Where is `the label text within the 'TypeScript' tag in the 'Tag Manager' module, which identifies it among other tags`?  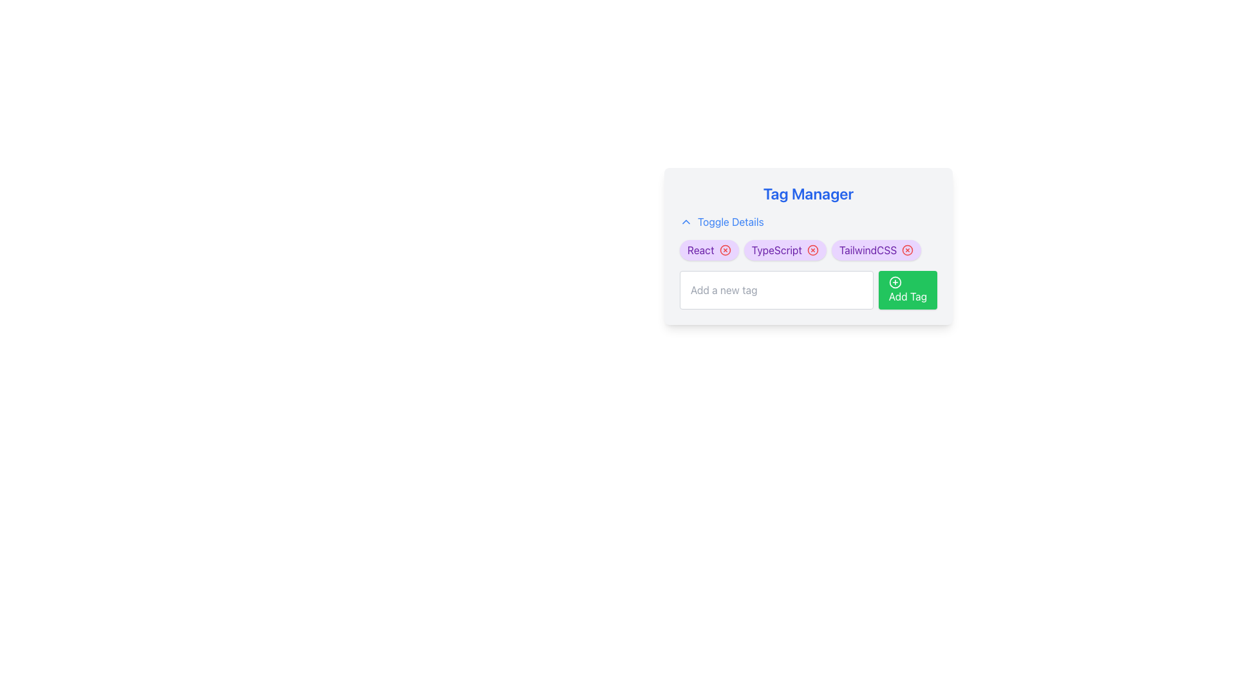
the label text within the 'TypeScript' tag in the 'Tag Manager' module, which identifies it among other tags is located at coordinates (776, 250).